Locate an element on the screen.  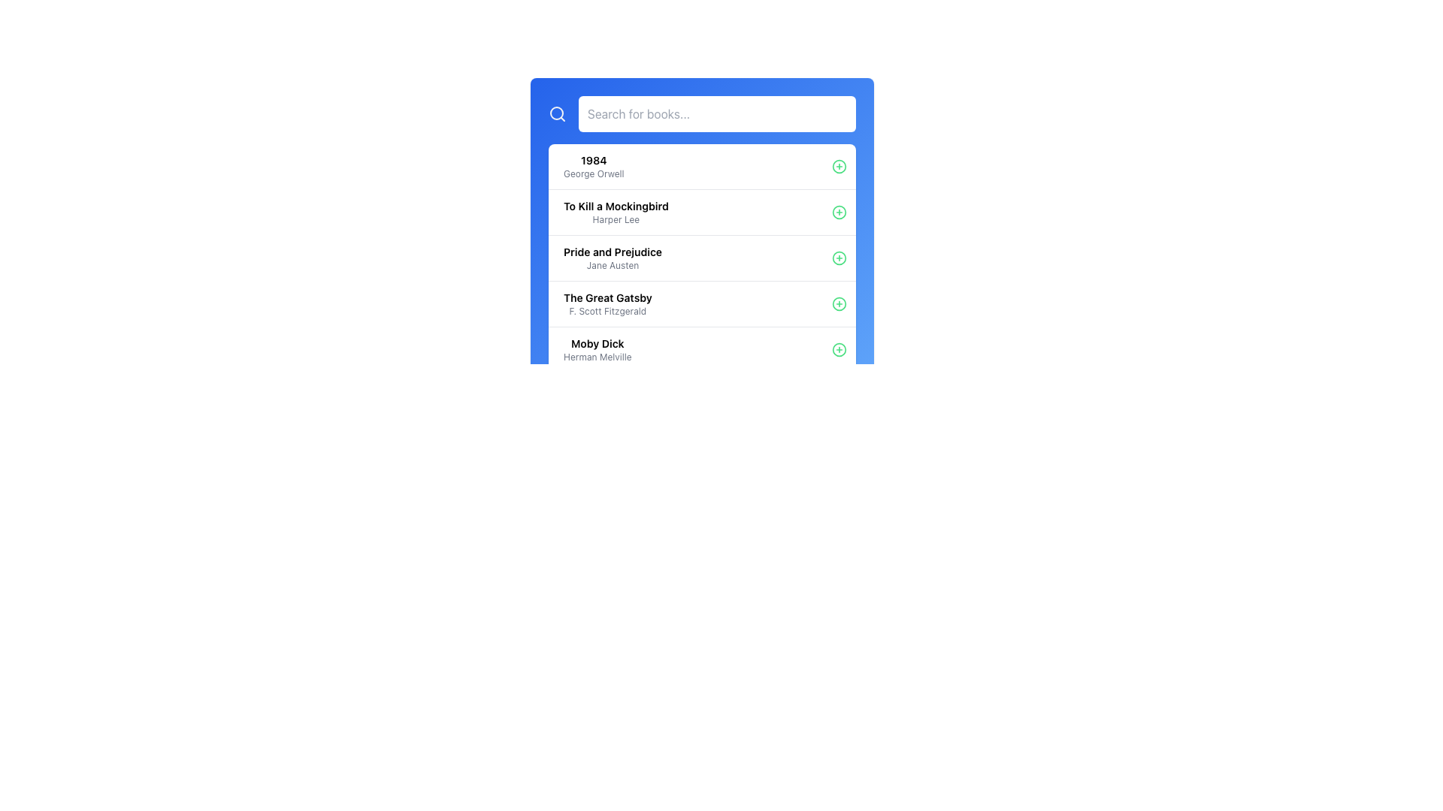
text label displaying the title '1984' located at the top of the first list item under the search bar is located at coordinates (593, 160).